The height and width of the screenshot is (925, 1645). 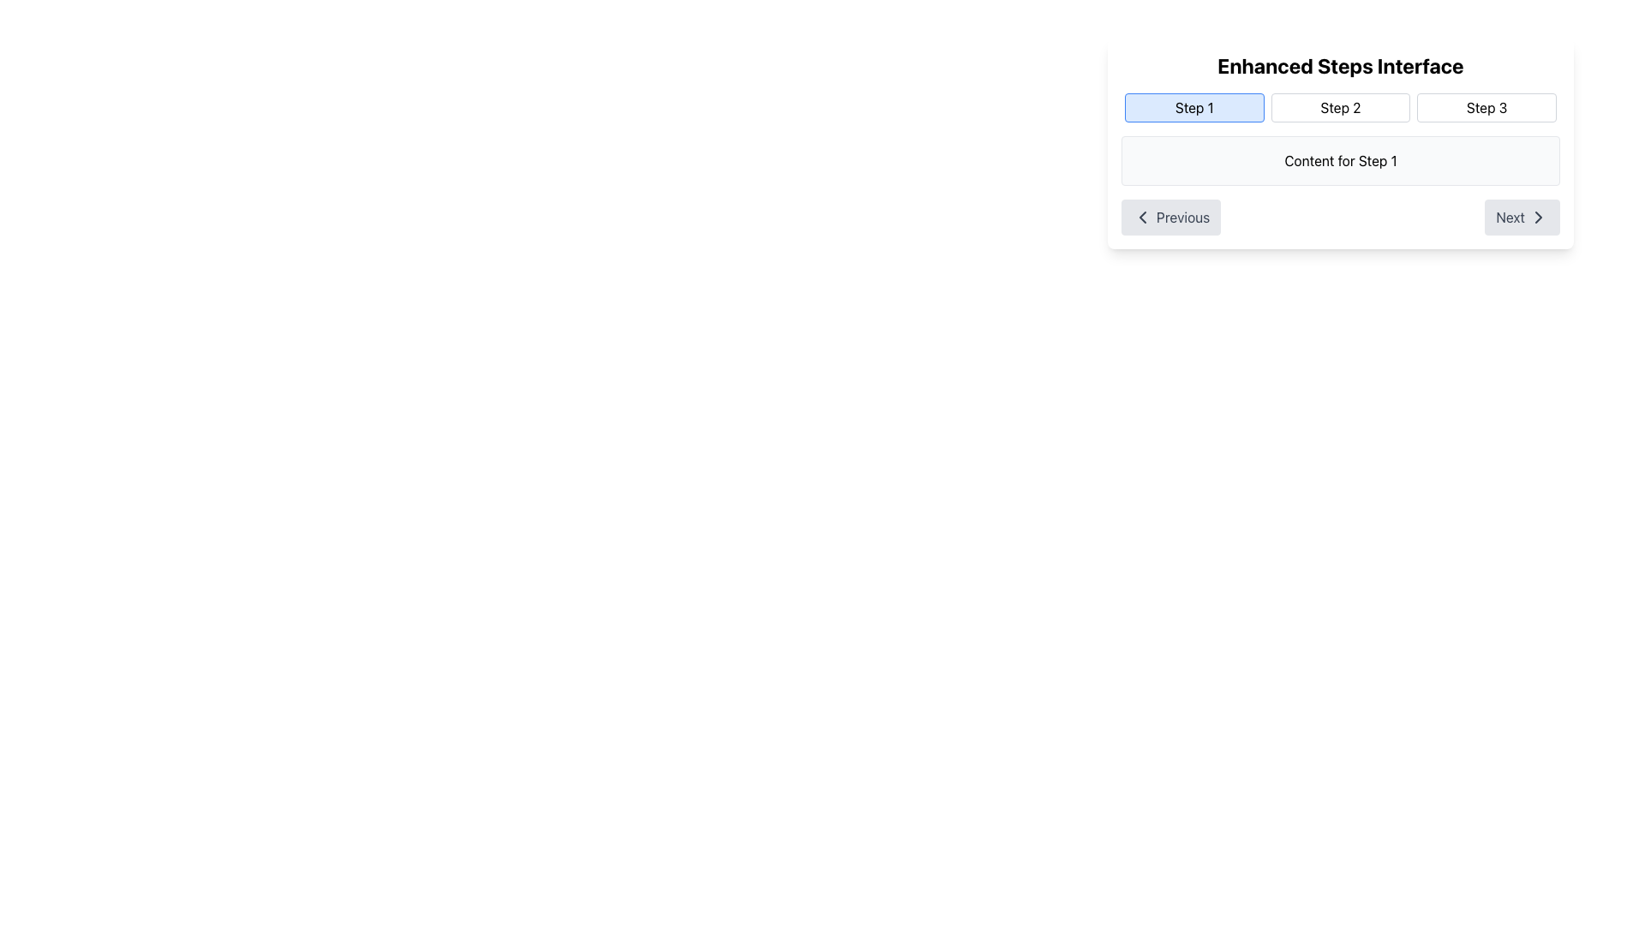 I want to click on the 'Previous' button with a light gray background and dark gray text, so click(x=1170, y=217).